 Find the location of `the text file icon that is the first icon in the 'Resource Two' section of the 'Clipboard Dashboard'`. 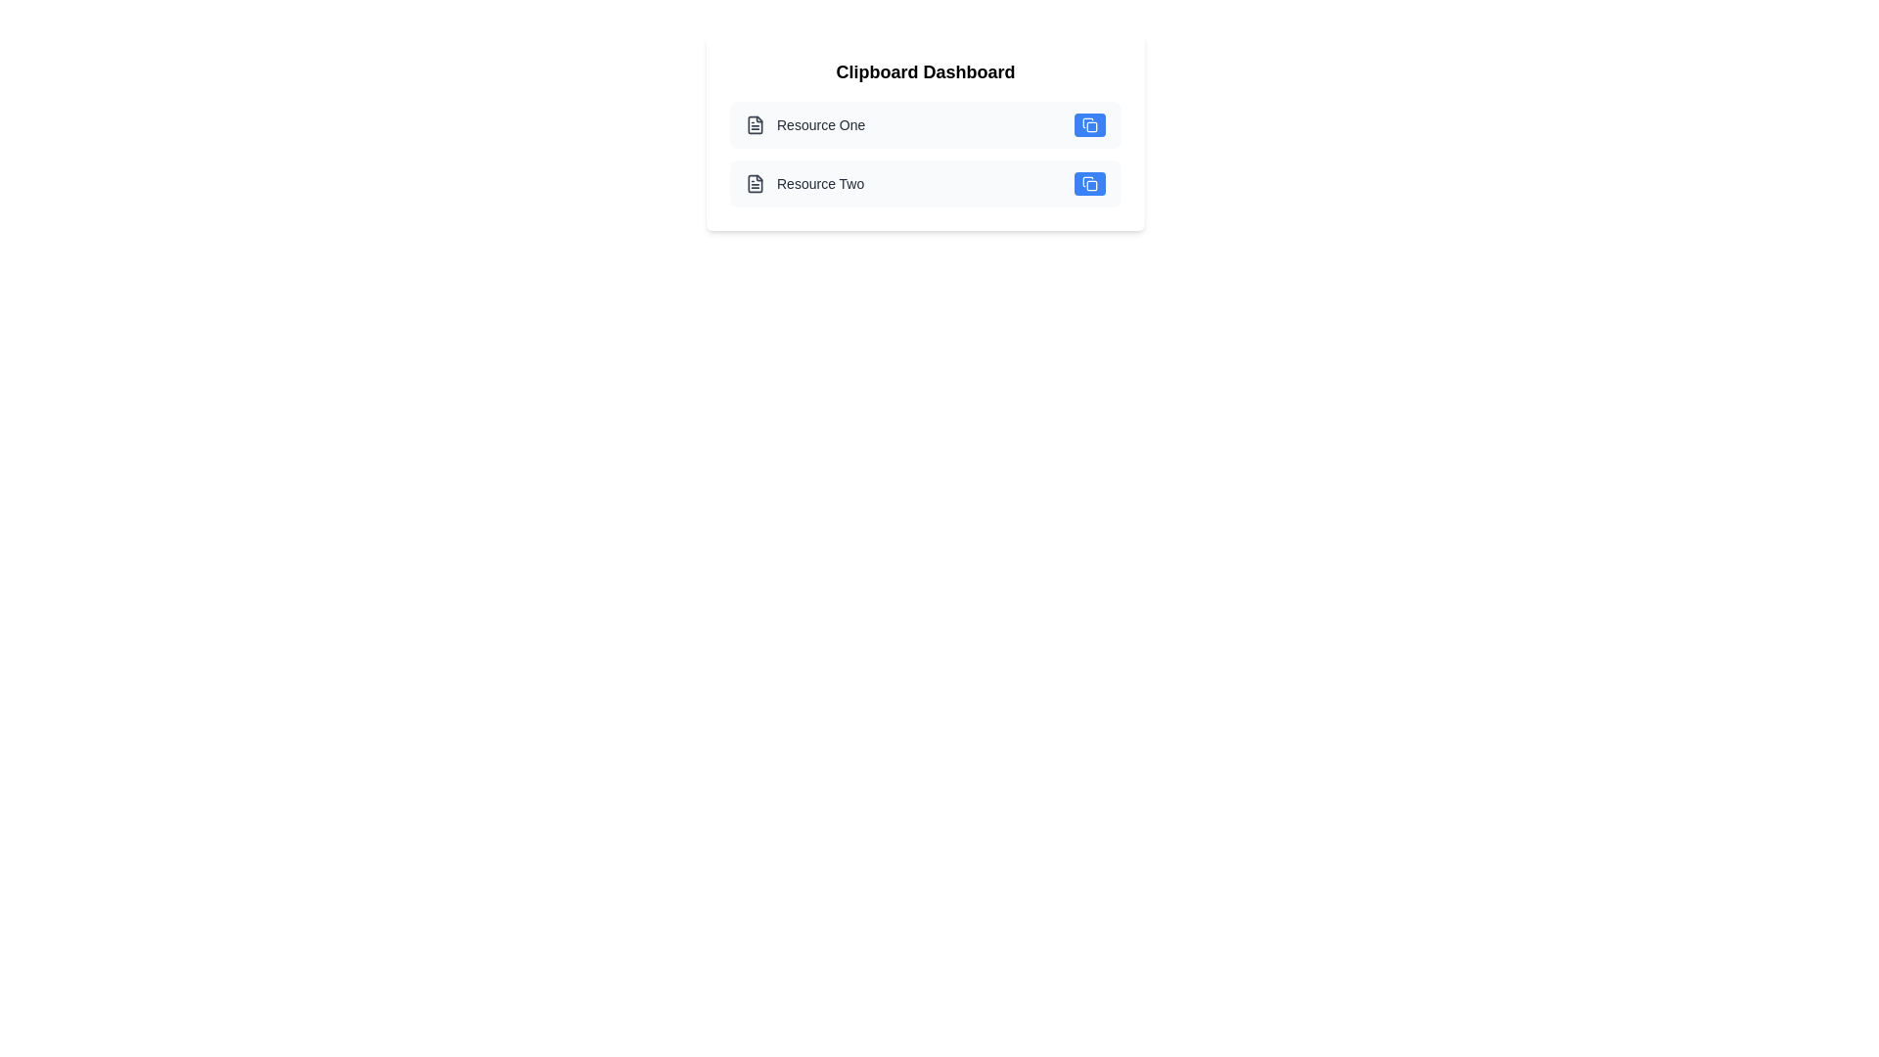

the text file icon that is the first icon in the 'Resource Two' section of the 'Clipboard Dashboard' is located at coordinates (755, 184).